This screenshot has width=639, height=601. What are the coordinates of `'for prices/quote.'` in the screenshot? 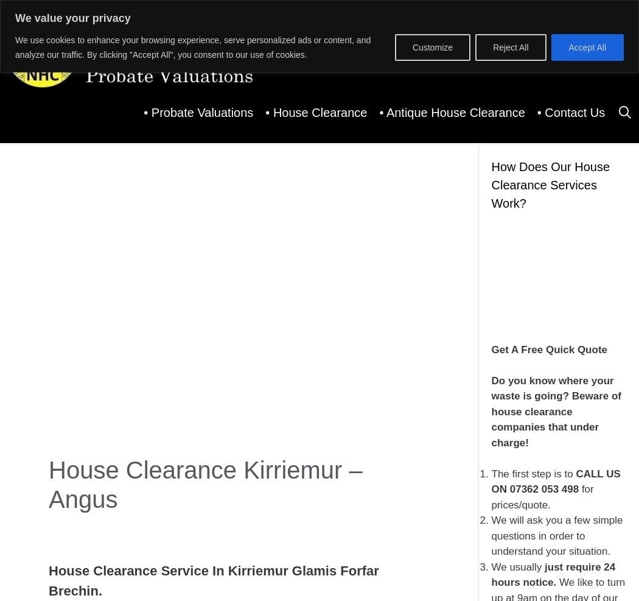 It's located at (542, 496).